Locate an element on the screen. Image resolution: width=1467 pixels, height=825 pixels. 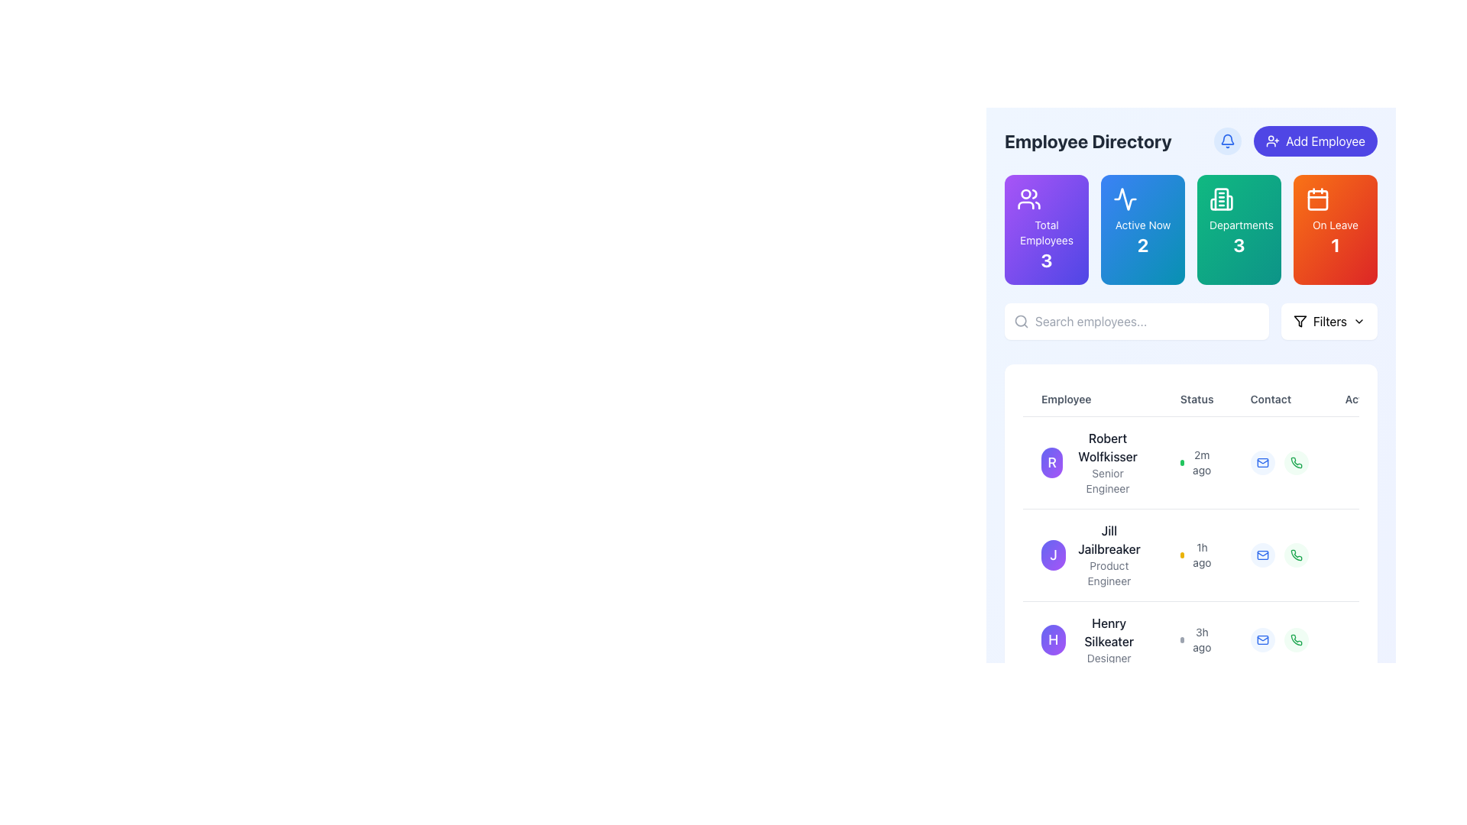
the text displaying the total number of departments, located centrally within the green card labeled 'Departments' in the third card from the left is located at coordinates (1239, 244).